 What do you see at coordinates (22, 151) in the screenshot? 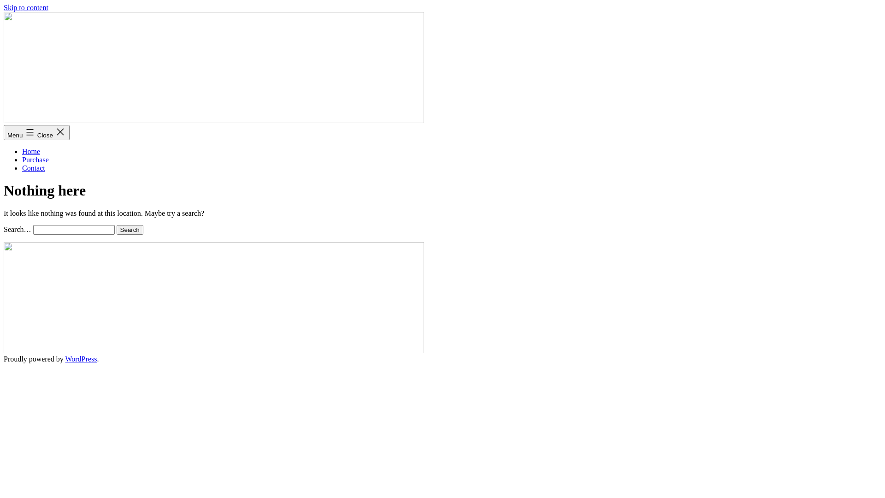
I see `'Home'` at bounding box center [22, 151].